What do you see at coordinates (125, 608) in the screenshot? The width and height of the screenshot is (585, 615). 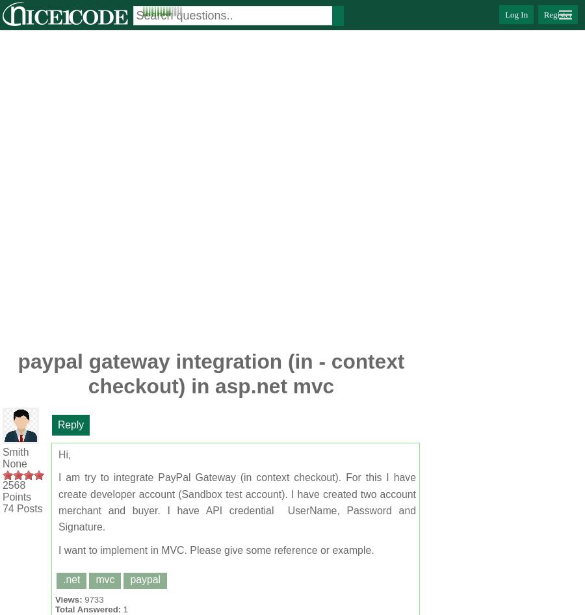 I see `'1'` at bounding box center [125, 608].